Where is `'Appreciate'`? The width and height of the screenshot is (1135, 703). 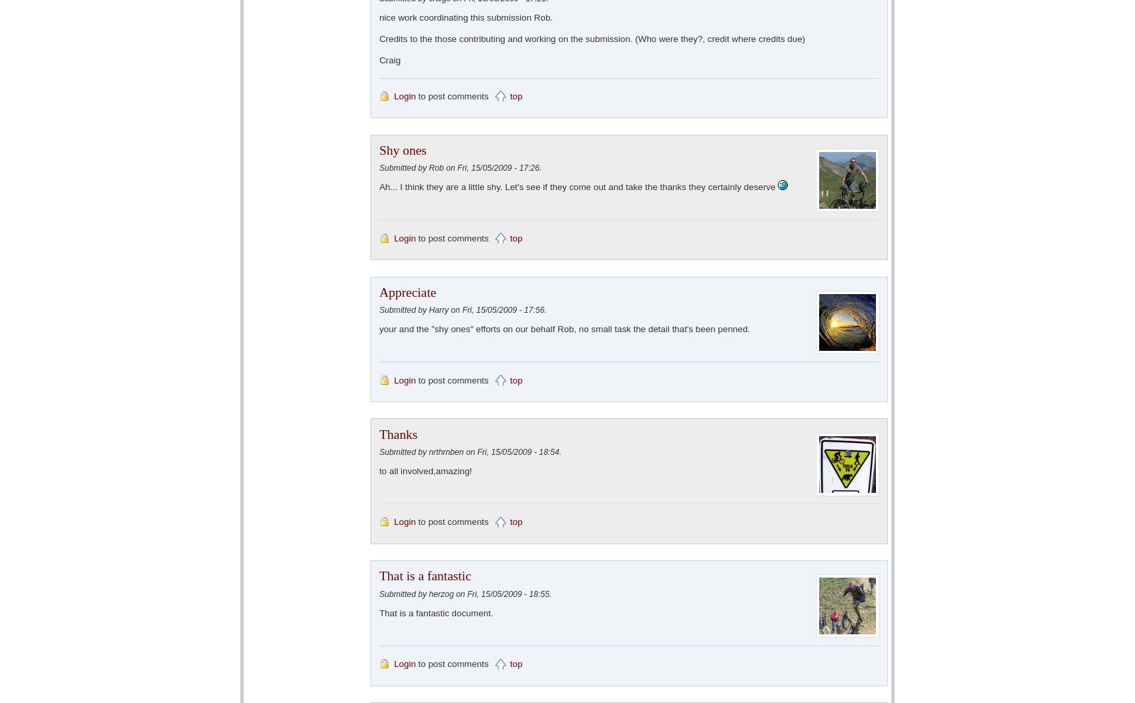
'Appreciate' is located at coordinates (378, 291).